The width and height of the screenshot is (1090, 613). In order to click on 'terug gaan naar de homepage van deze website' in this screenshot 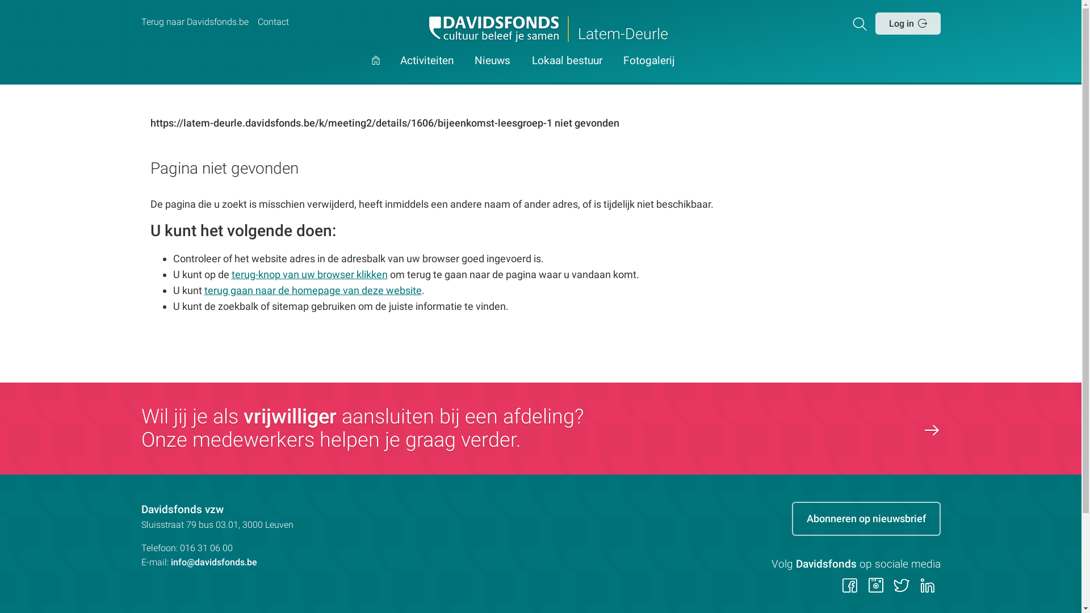, I will do `click(313, 289)`.